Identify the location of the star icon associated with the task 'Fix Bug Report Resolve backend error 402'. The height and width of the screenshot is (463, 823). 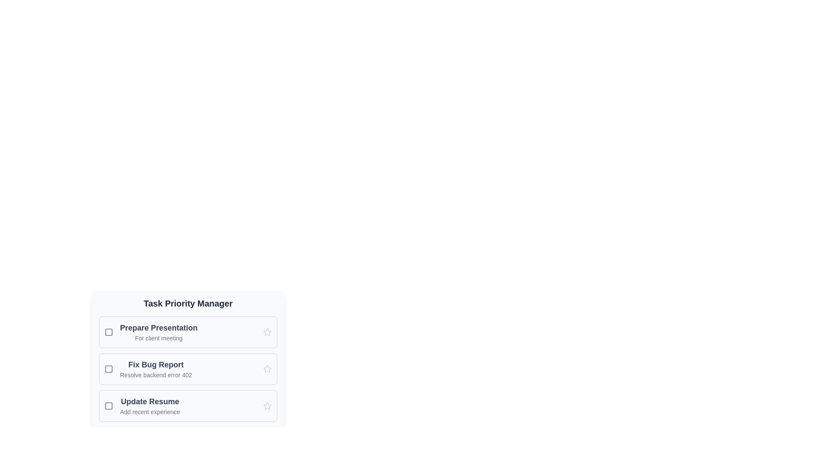
(267, 368).